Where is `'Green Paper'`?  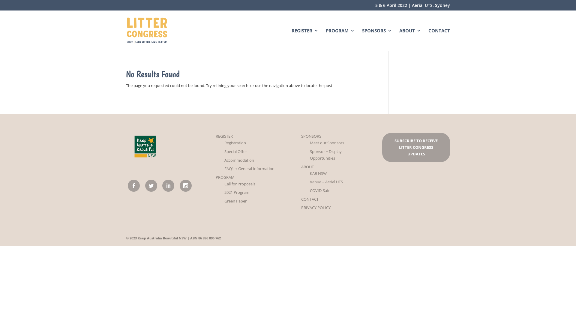 'Green Paper' is located at coordinates (235, 201).